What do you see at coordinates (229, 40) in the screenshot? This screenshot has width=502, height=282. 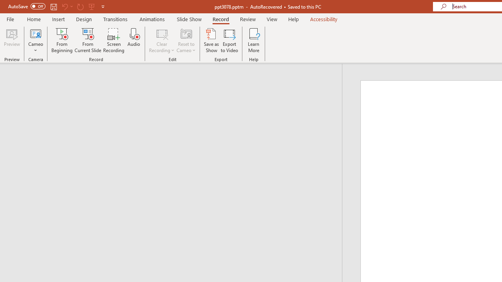 I see `'Export to Video'` at bounding box center [229, 40].